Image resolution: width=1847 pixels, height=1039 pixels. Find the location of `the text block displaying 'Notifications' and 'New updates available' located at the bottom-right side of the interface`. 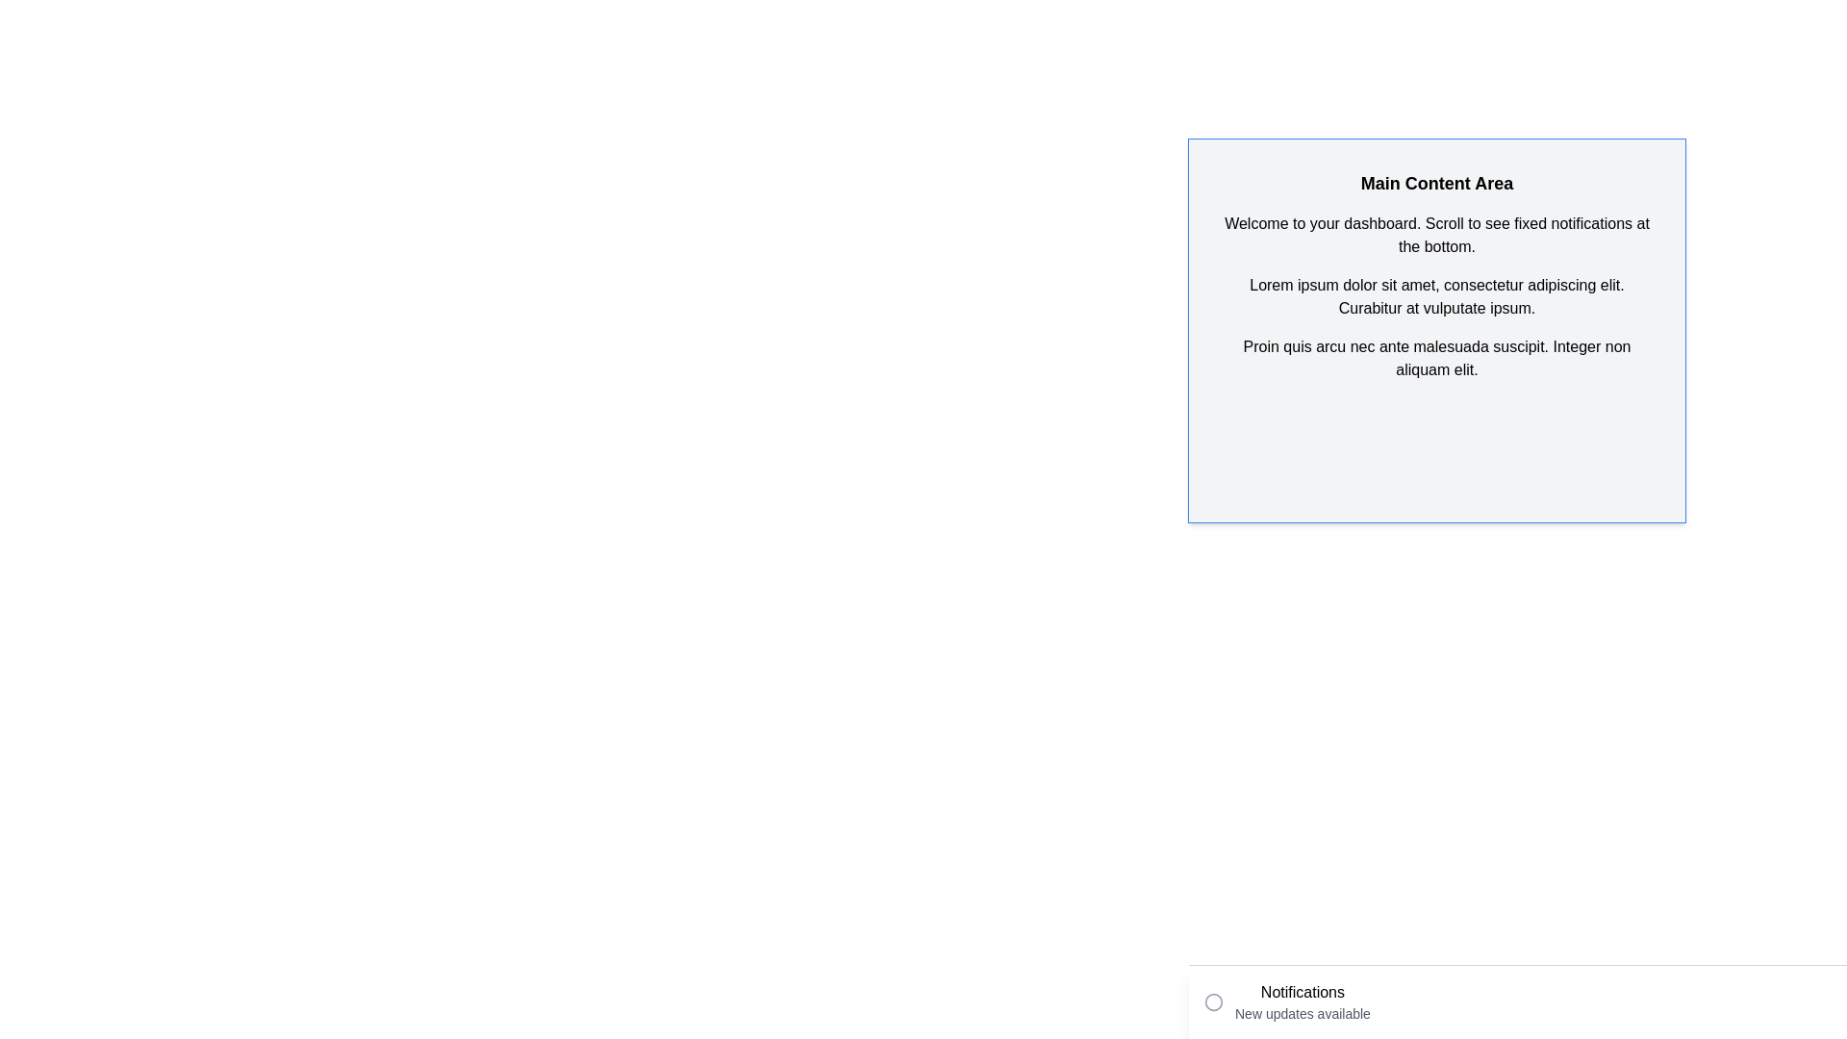

the text block displaying 'Notifications' and 'New updates available' located at the bottom-right side of the interface is located at coordinates (1303, 1001).